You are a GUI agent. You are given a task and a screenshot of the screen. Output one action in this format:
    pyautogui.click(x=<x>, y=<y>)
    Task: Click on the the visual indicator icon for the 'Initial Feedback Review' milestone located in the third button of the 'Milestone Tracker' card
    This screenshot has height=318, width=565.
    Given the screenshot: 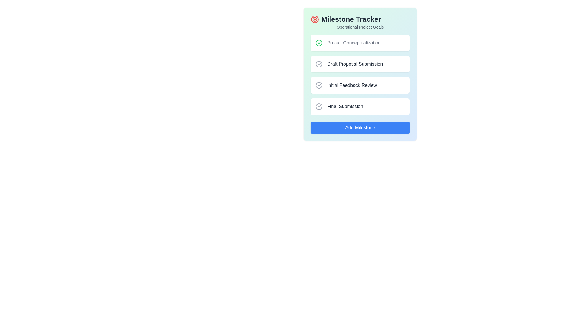 What is the action you would take?
    pyautogui.click(x=319, y=85)
    